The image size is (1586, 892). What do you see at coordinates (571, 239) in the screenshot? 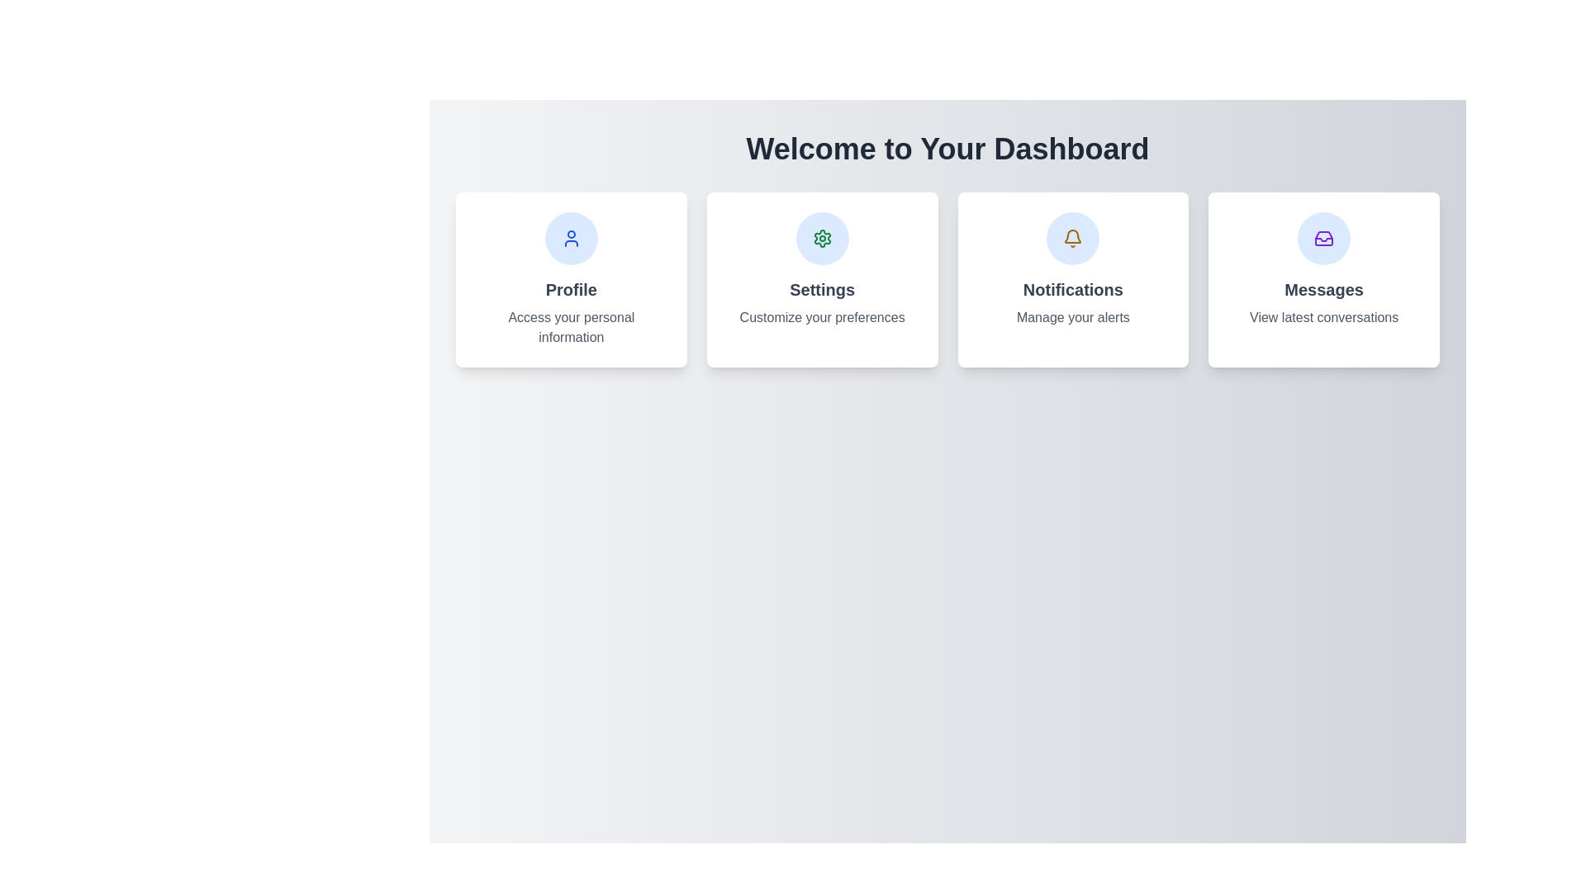
I see `the rounded circular icon with a blue background and a user profile icon in a darker blue color, which is located at the top center of the 'Profile' card in the dashboard` at bounding box center [571, 239].